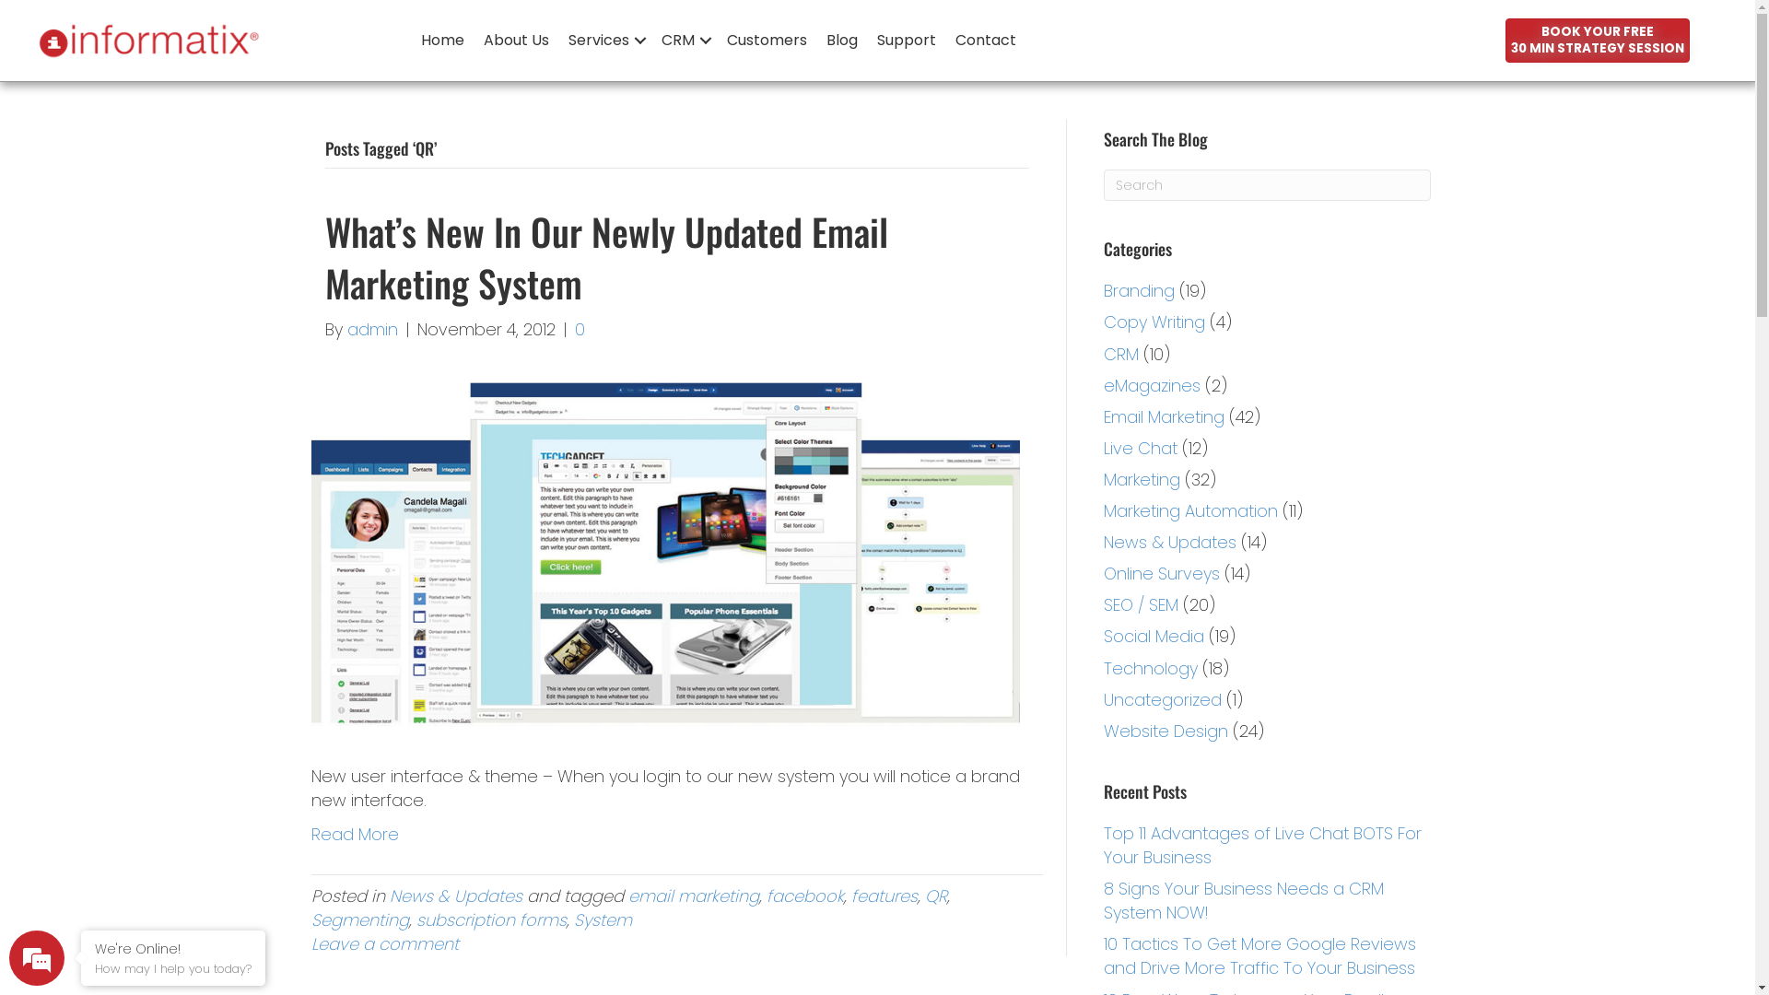  What do you see at coordinates (516, 40) in the screenshot?
I see `'About Us'` at bounding box center [516, 40].